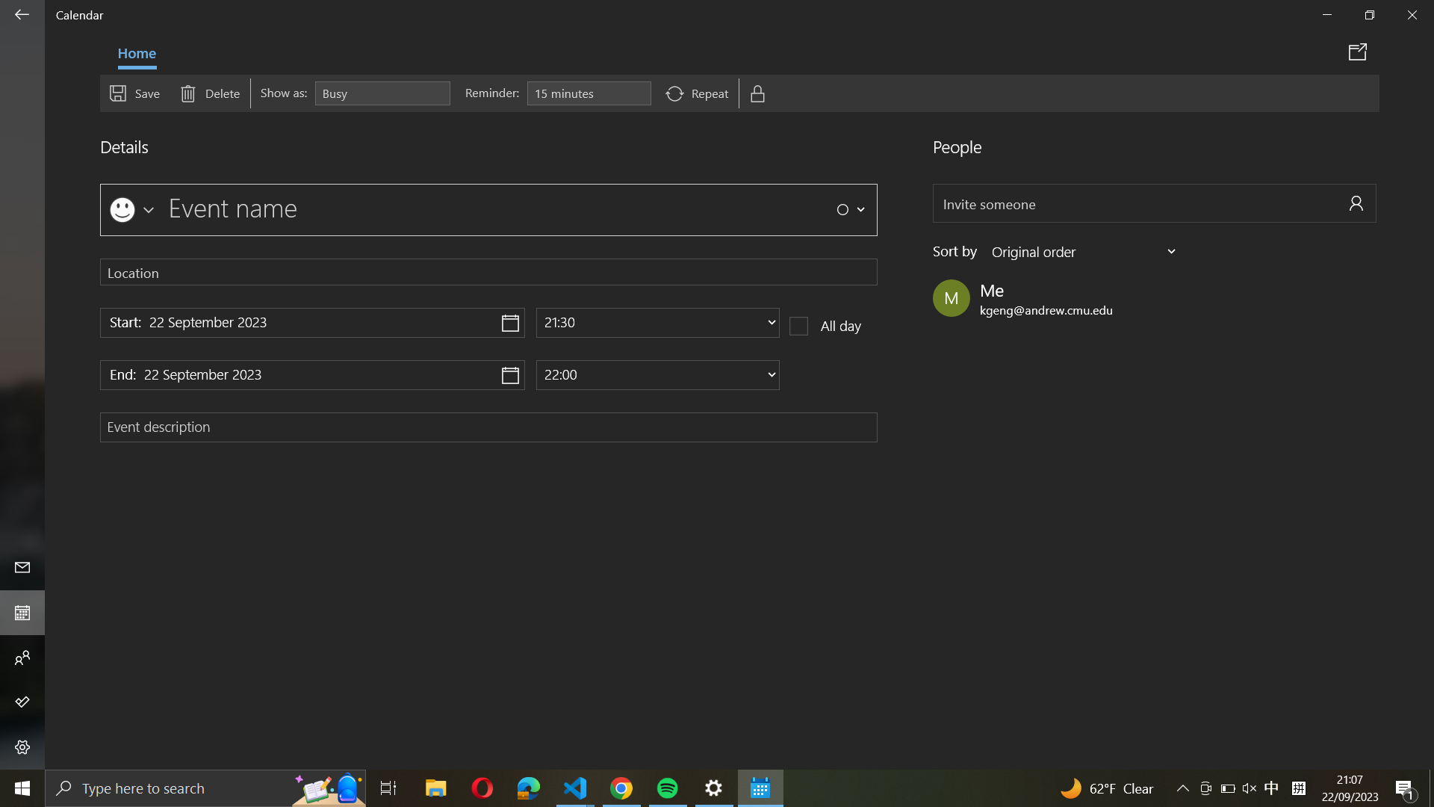  What do you see at coordinates (1085, 250) in the screenshot?
I see `Rearrange event participants according to surname` at bounding box center [1085, 250].